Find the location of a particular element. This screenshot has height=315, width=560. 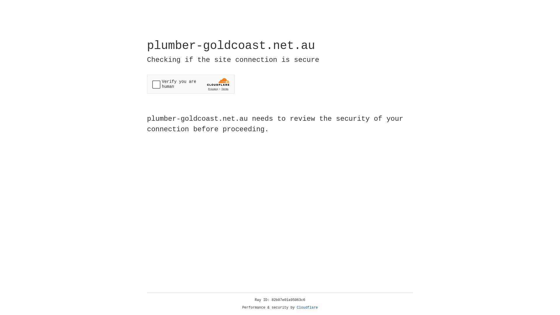

'Cloudflare' is located at coordinates (307, 307).